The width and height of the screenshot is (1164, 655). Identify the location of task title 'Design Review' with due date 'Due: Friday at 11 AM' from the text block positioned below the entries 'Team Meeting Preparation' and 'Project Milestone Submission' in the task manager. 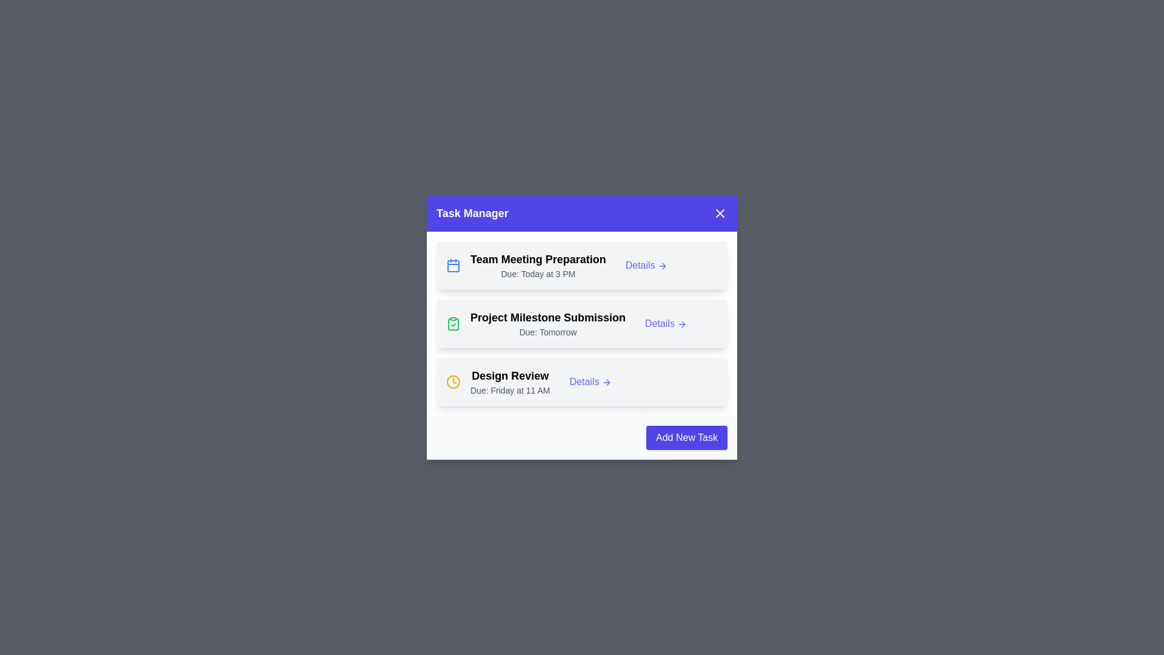
(510, 381).